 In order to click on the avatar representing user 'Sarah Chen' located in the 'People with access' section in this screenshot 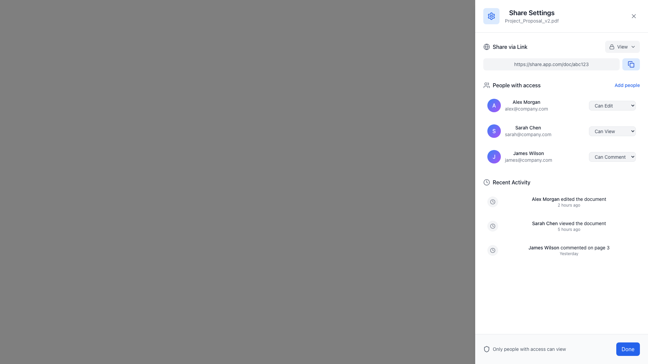, I will do `click(494, 131)`.